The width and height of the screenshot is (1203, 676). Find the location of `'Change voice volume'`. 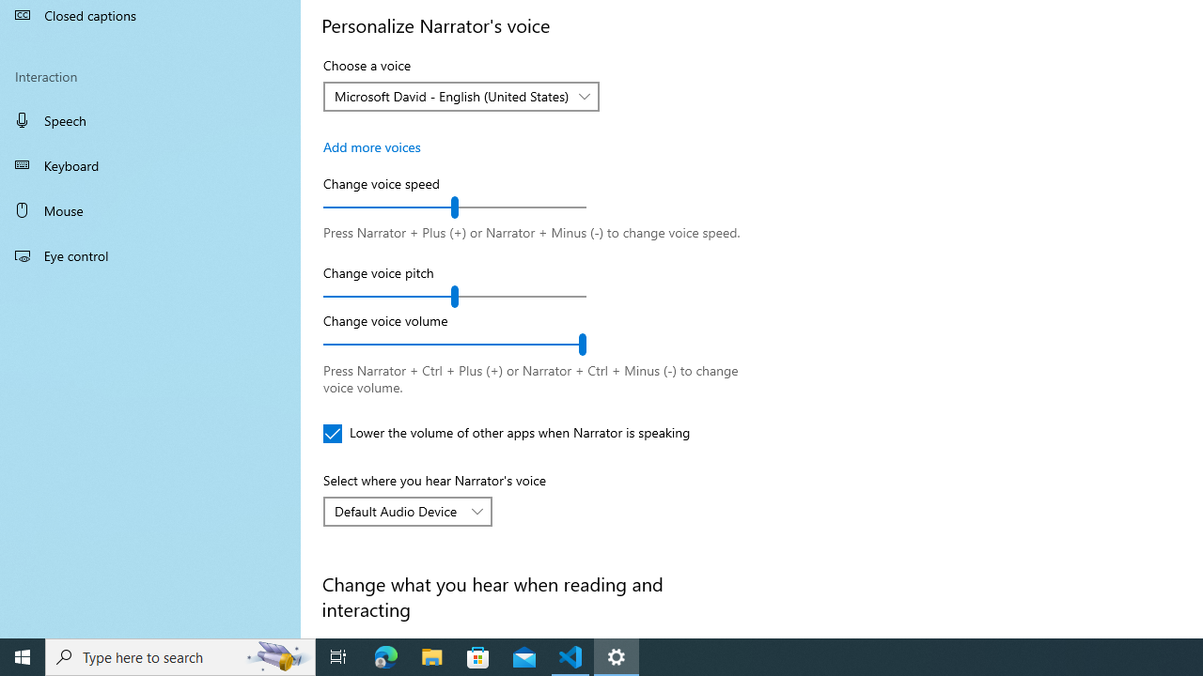

'Change voice volume' is located at coordinates (455, 345).